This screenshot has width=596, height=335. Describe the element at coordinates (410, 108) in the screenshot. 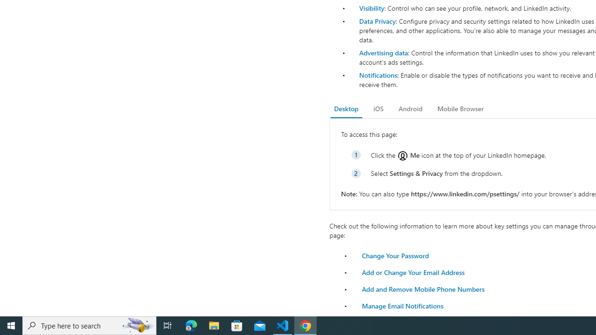

I see `'Android'` at that location.